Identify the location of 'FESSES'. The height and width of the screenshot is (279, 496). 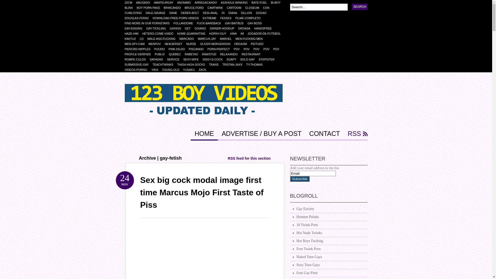
(228, 18).